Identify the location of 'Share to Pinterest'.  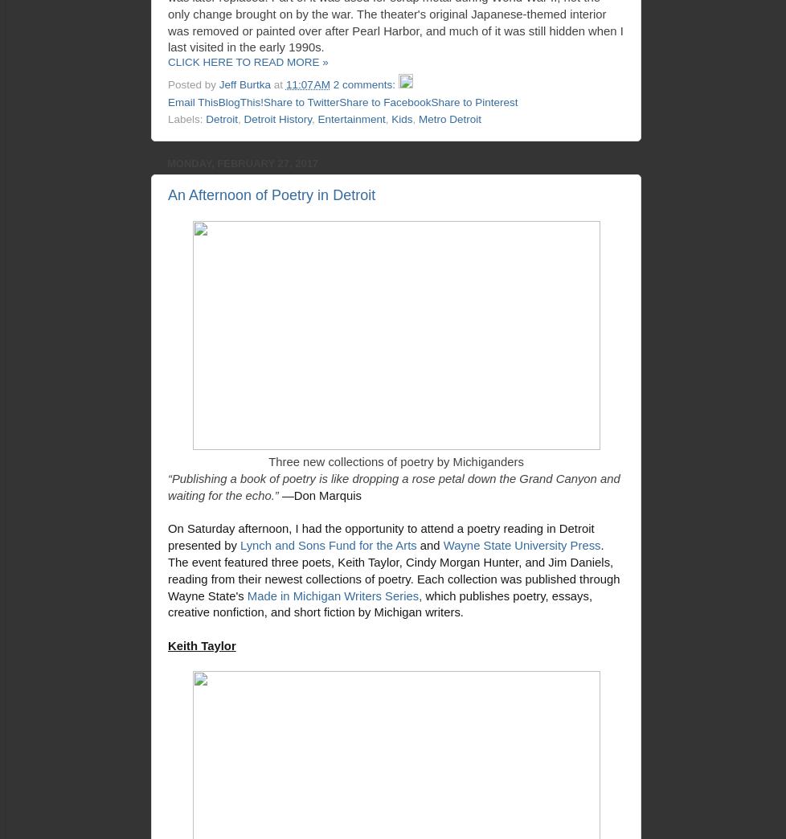
(431, 101).